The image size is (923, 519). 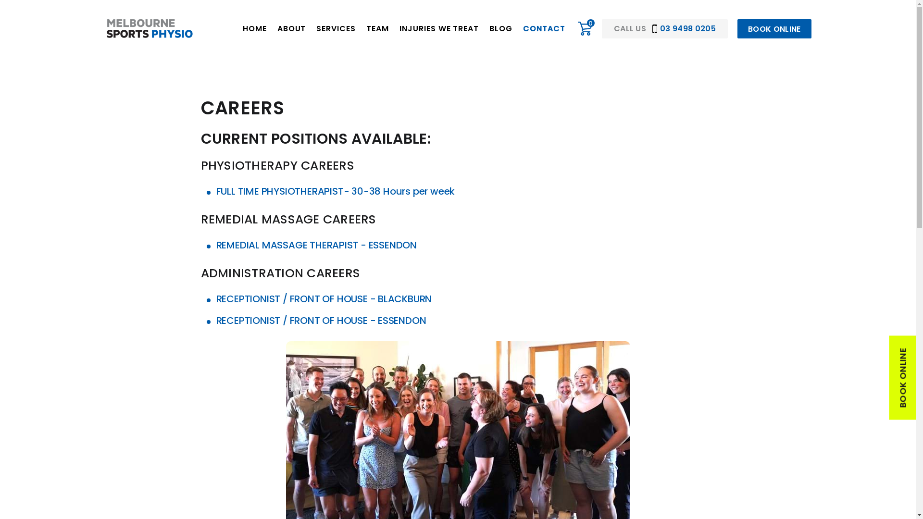 I want to click on 'ABOUT', so click(x=291, y=28).